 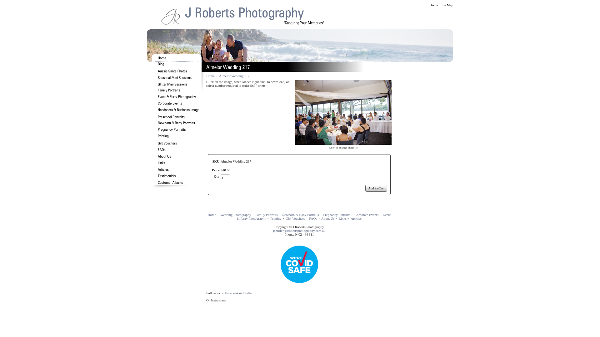 What do you see at coordinates (447, 5) in the screenshot?
I see `'Site Map'` at bounding box center [447, 5].